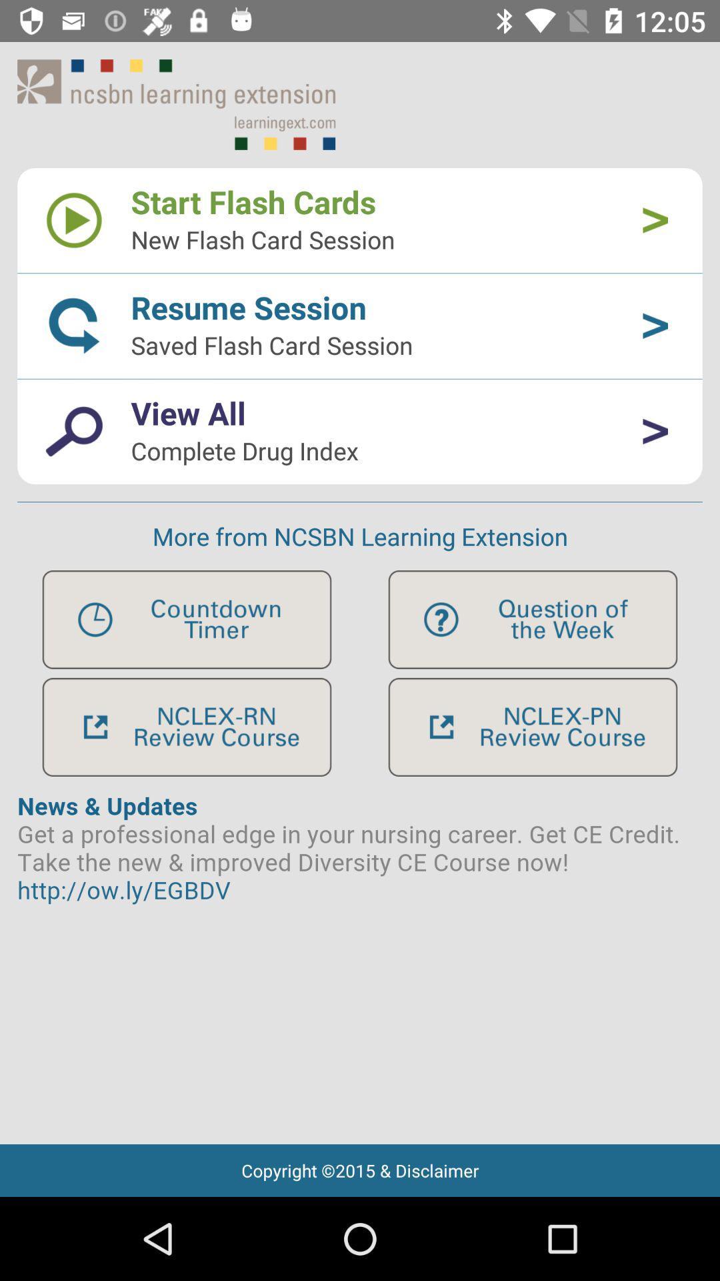 Image resolution: width=720 pixels, height=1281 pixels. What do you see at coordinates (532, 618) in the screenshot?
I see `question` at bounding box center [532, 618].